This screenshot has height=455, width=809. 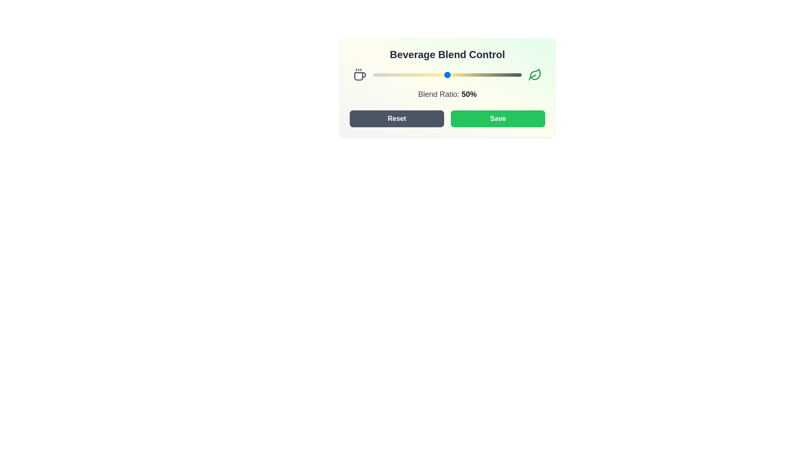 I want to click on 'Save' button to confirm the blend ratio, so click(x=498, y=118).